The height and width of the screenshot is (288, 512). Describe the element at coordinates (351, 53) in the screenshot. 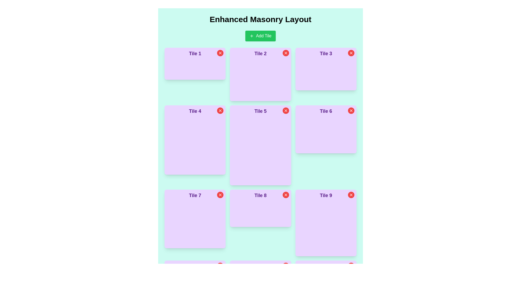

I see `the keyboard accessibility on the close button for 'Tile 3', located at the top-right corner of the card` at that location.